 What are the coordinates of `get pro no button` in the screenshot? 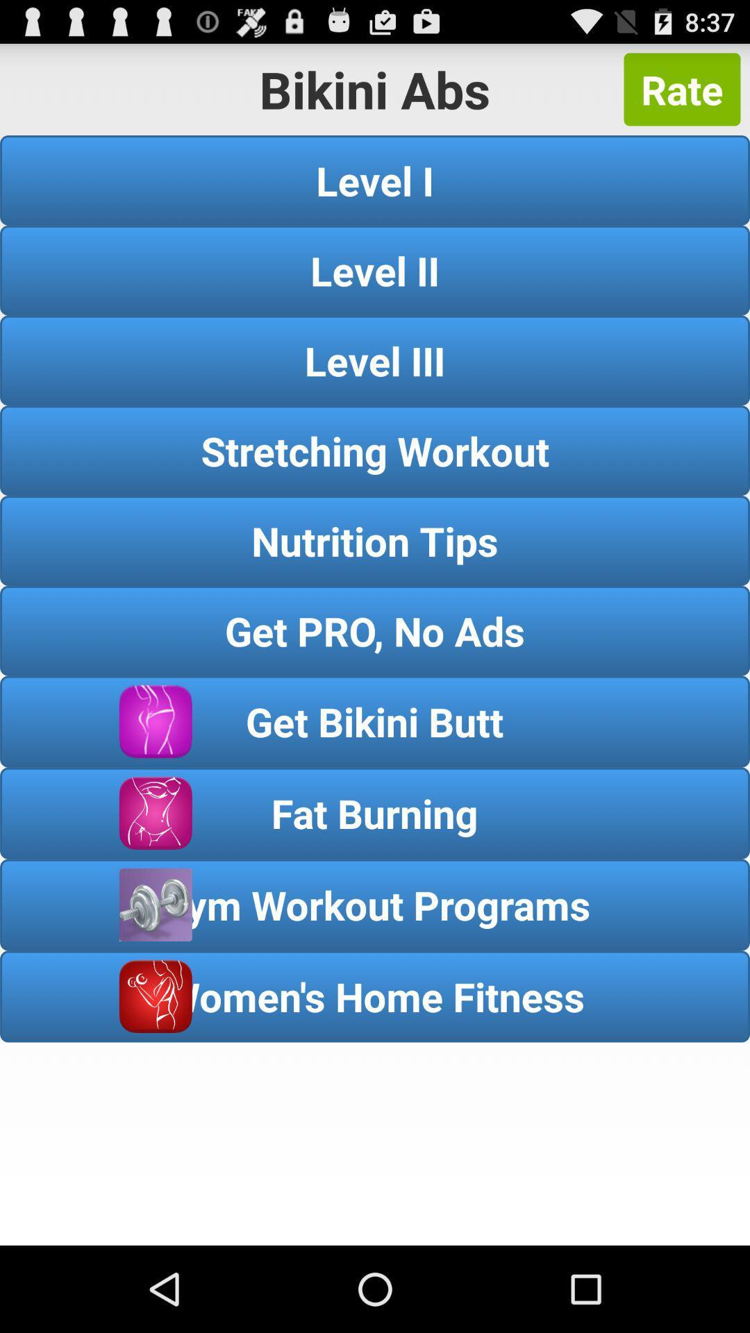 It's located at (375, 630).